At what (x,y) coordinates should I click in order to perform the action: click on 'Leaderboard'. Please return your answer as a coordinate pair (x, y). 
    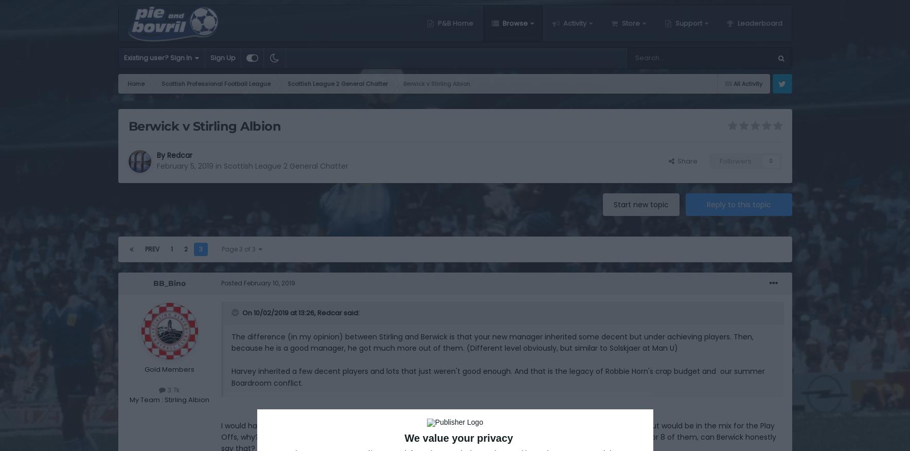
    Looking at the image, I should click on (758, 23).